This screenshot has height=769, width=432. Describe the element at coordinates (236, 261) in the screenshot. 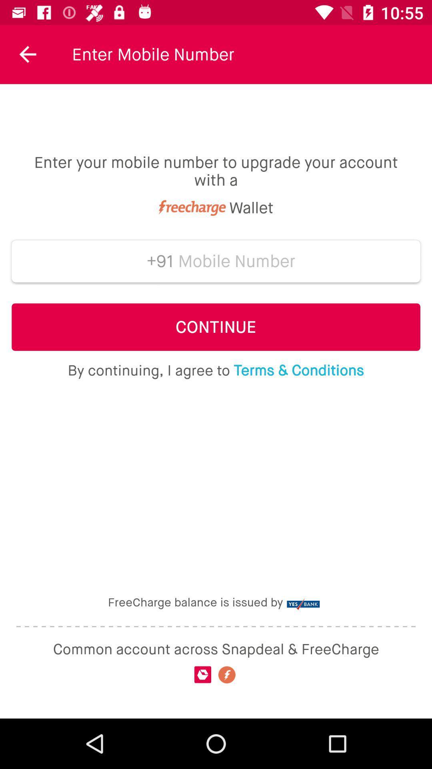

I see `the text field beside 91` at that location.